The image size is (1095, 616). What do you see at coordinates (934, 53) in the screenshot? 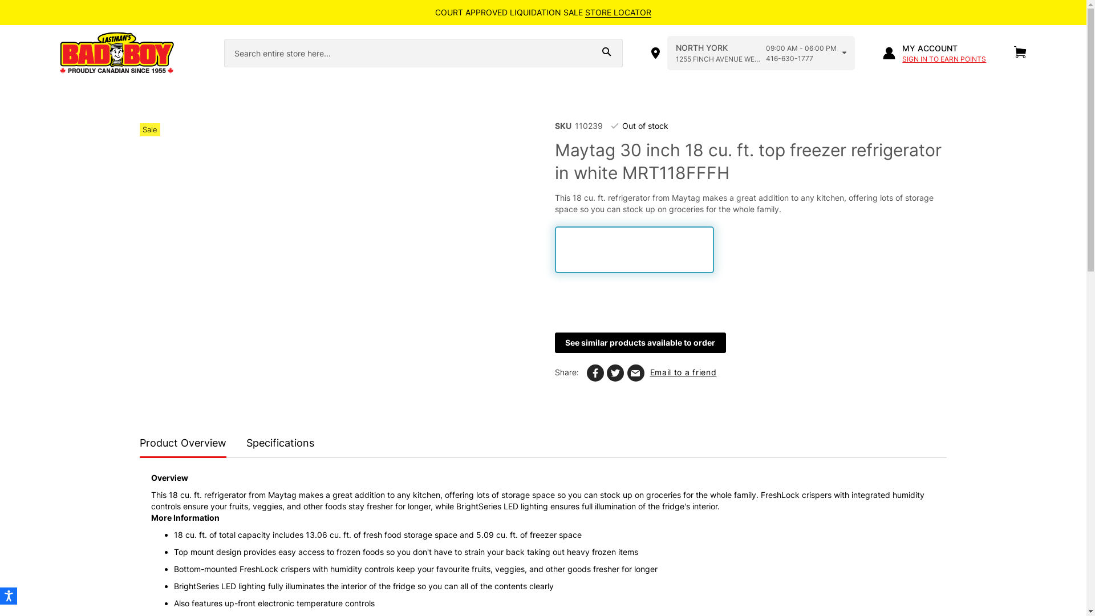
I see `'MY ACCOUNT` at bounding box center [934, 53].